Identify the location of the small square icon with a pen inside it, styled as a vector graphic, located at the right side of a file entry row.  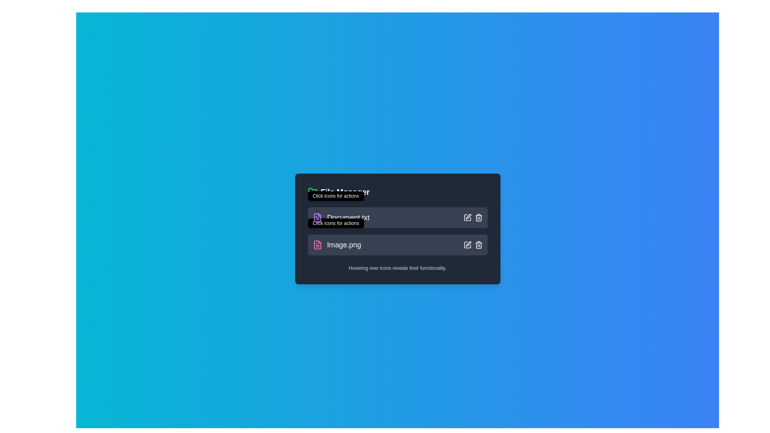
(467, 218).